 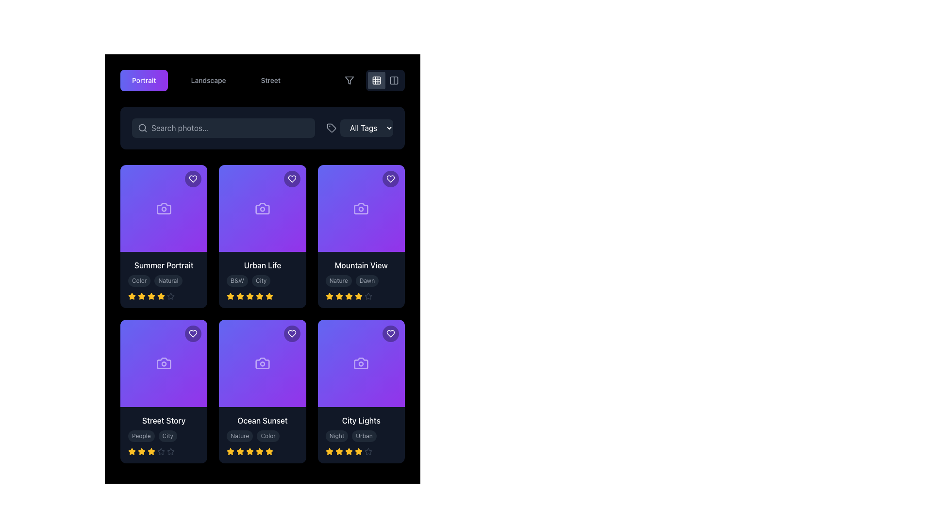 What do you see at coordinates (240, 296) in the screenshot?
I see `the filled yellow star icon, which is the fourth star in the five-star rating set for the 'Urban Life' card located in the second column of the first row` at bounding box center [240, 296].